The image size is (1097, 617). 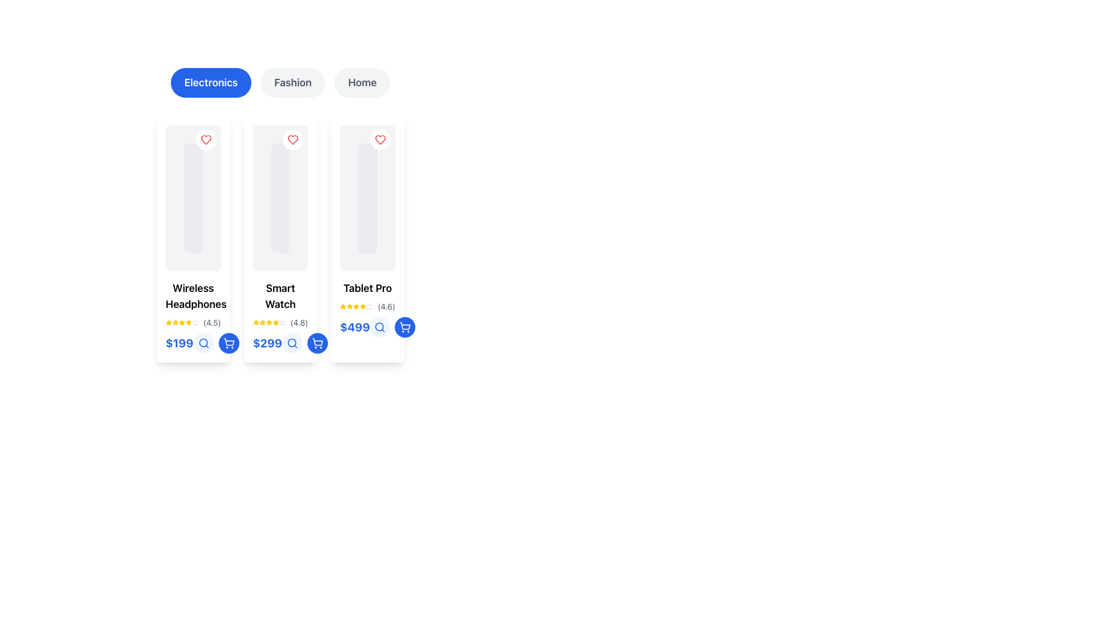 What do you see at coordinates (262, 322) in the screenshot?
I see `the third star icon in the rating section of the 'Smart Watch' card, which visually indicates part of the rating assigned to the product` at bounding box center [262, 322].